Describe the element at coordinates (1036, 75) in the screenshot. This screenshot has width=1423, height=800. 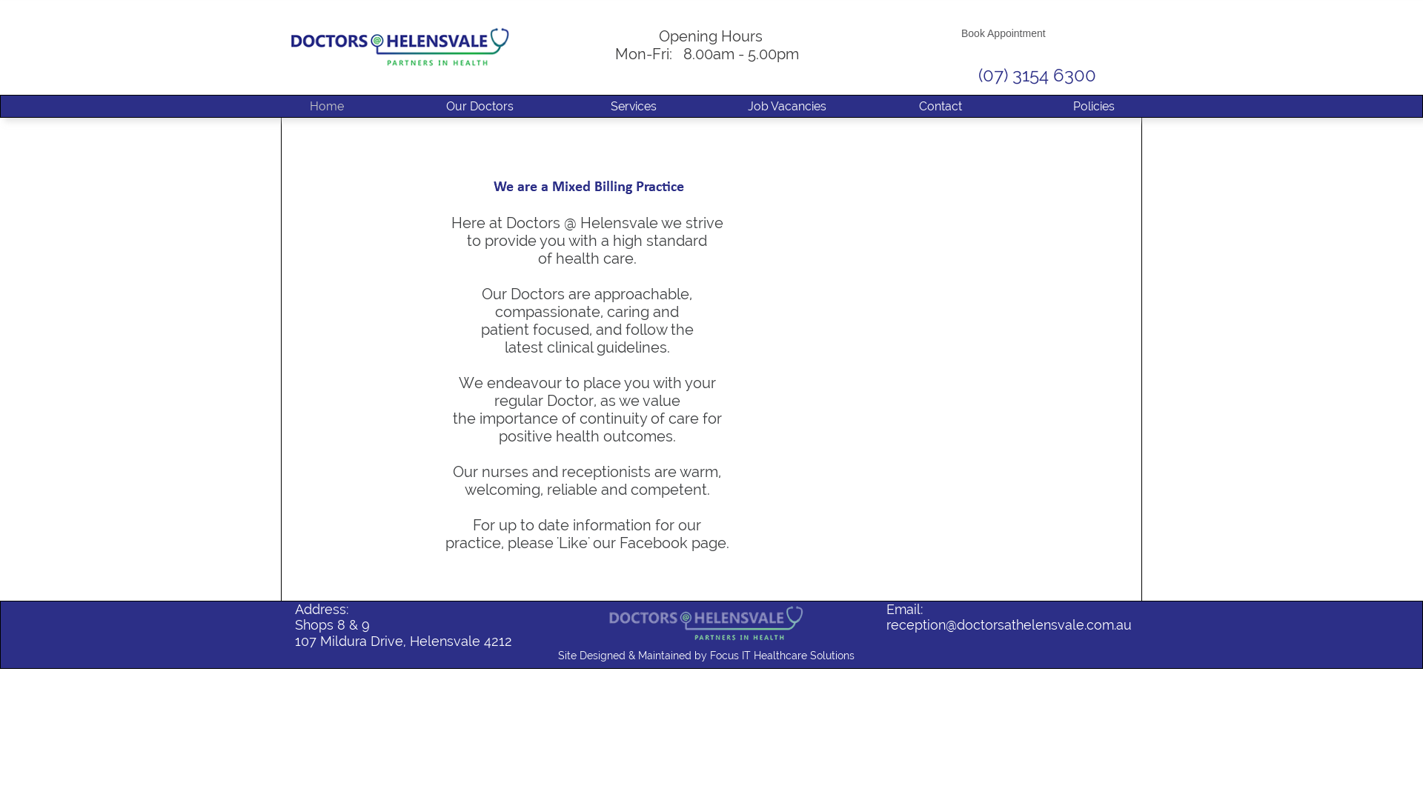
I see `'(07) 3154 6300'` at that location.